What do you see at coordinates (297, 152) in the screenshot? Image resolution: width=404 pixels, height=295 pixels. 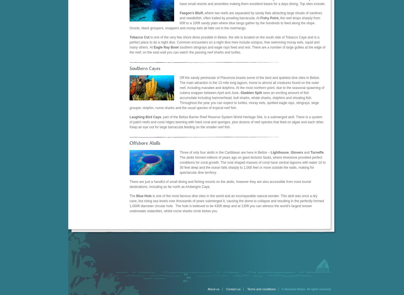 I see `'Glovers'` at bounding box center [297, 152].